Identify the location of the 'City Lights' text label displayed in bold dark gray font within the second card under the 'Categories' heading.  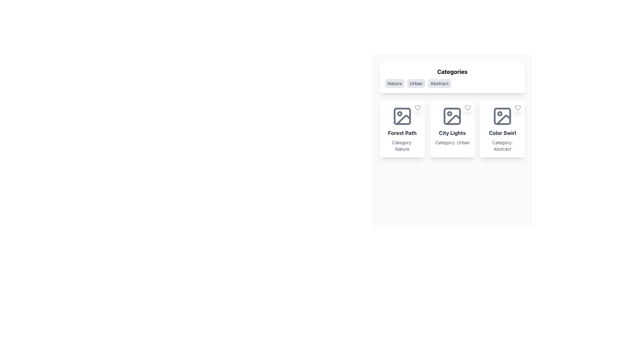
(452, 132).